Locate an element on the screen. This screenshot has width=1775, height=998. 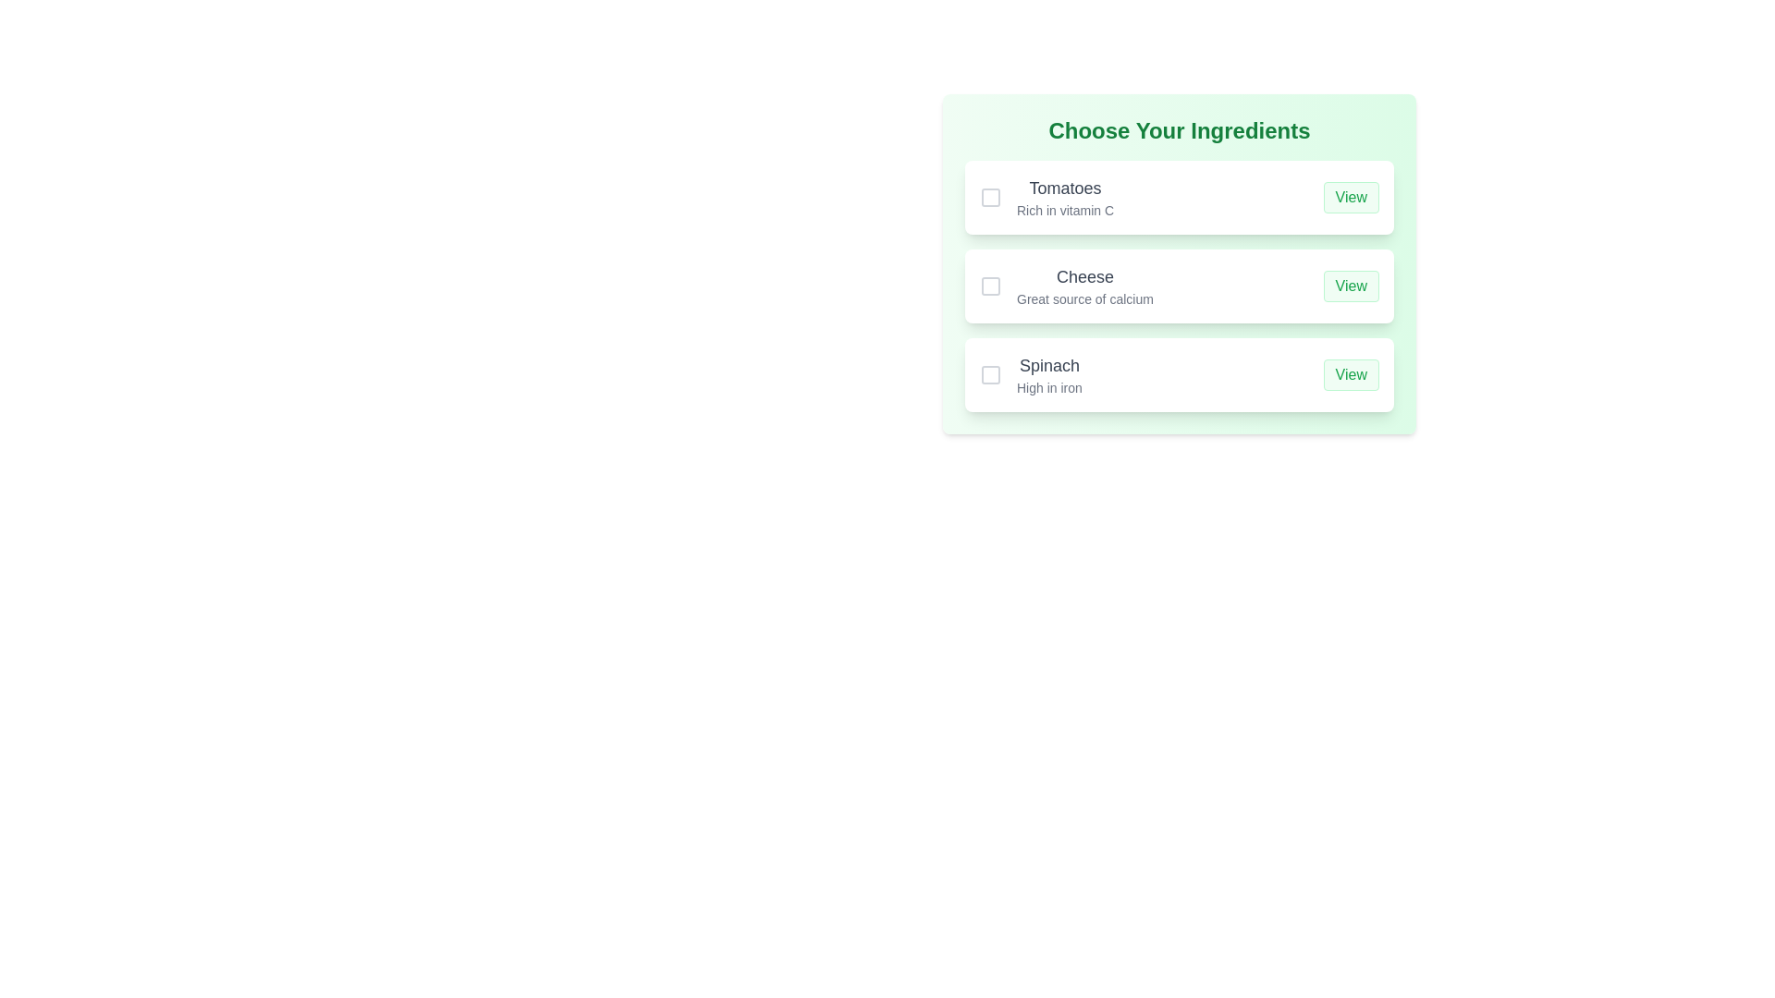
the label group that describes 'Tomatoes' and highlights its nutritional attribute 'Rich in vitamin C', located in the 'Choose Your Ingredients' section, positioned to the right of a checkbox and to the left of the 'View' button is located at coordinates (1065, 197).